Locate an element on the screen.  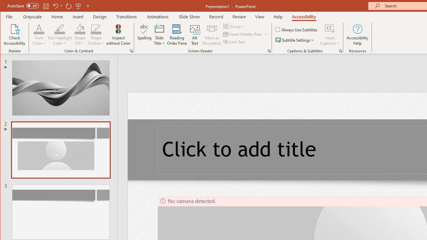
'Slide Title' is located at coordinates (159, 28).